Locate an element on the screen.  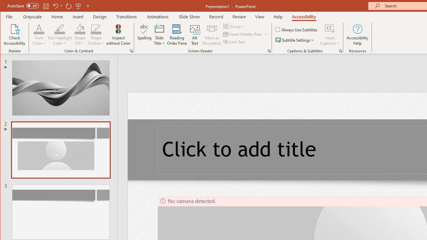
'Slide Title' is located at coordinates (159, 28).